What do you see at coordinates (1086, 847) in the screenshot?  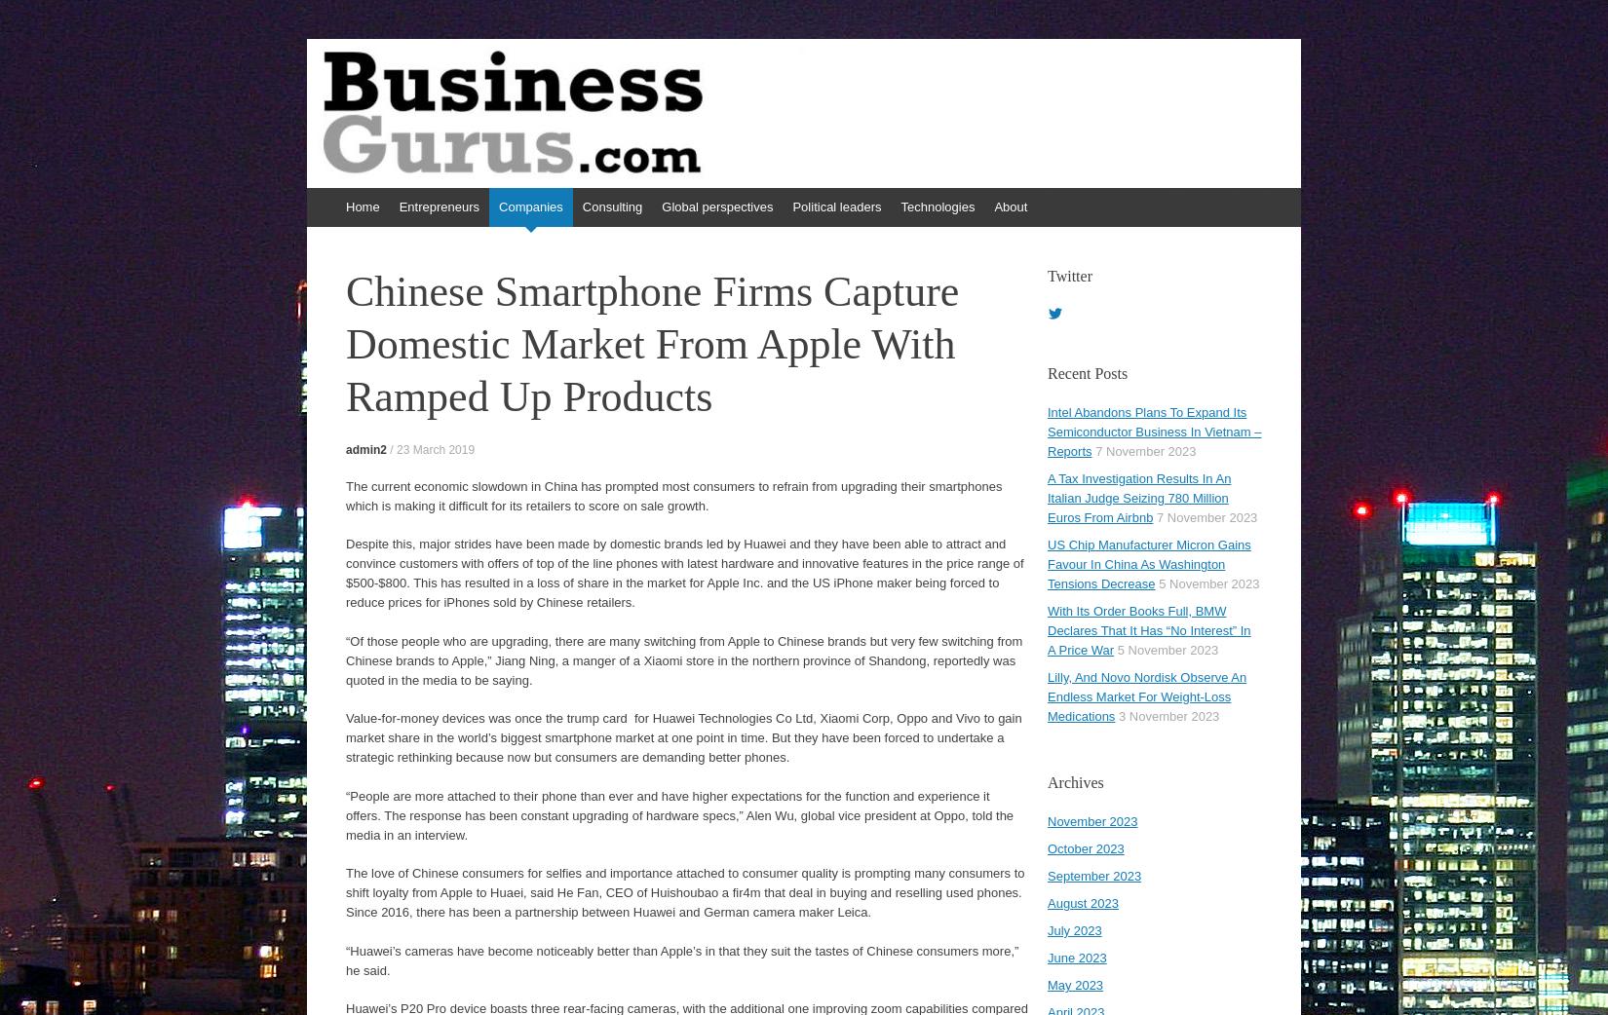 I see `'October 2023'` at bounding box center [1086, 847].